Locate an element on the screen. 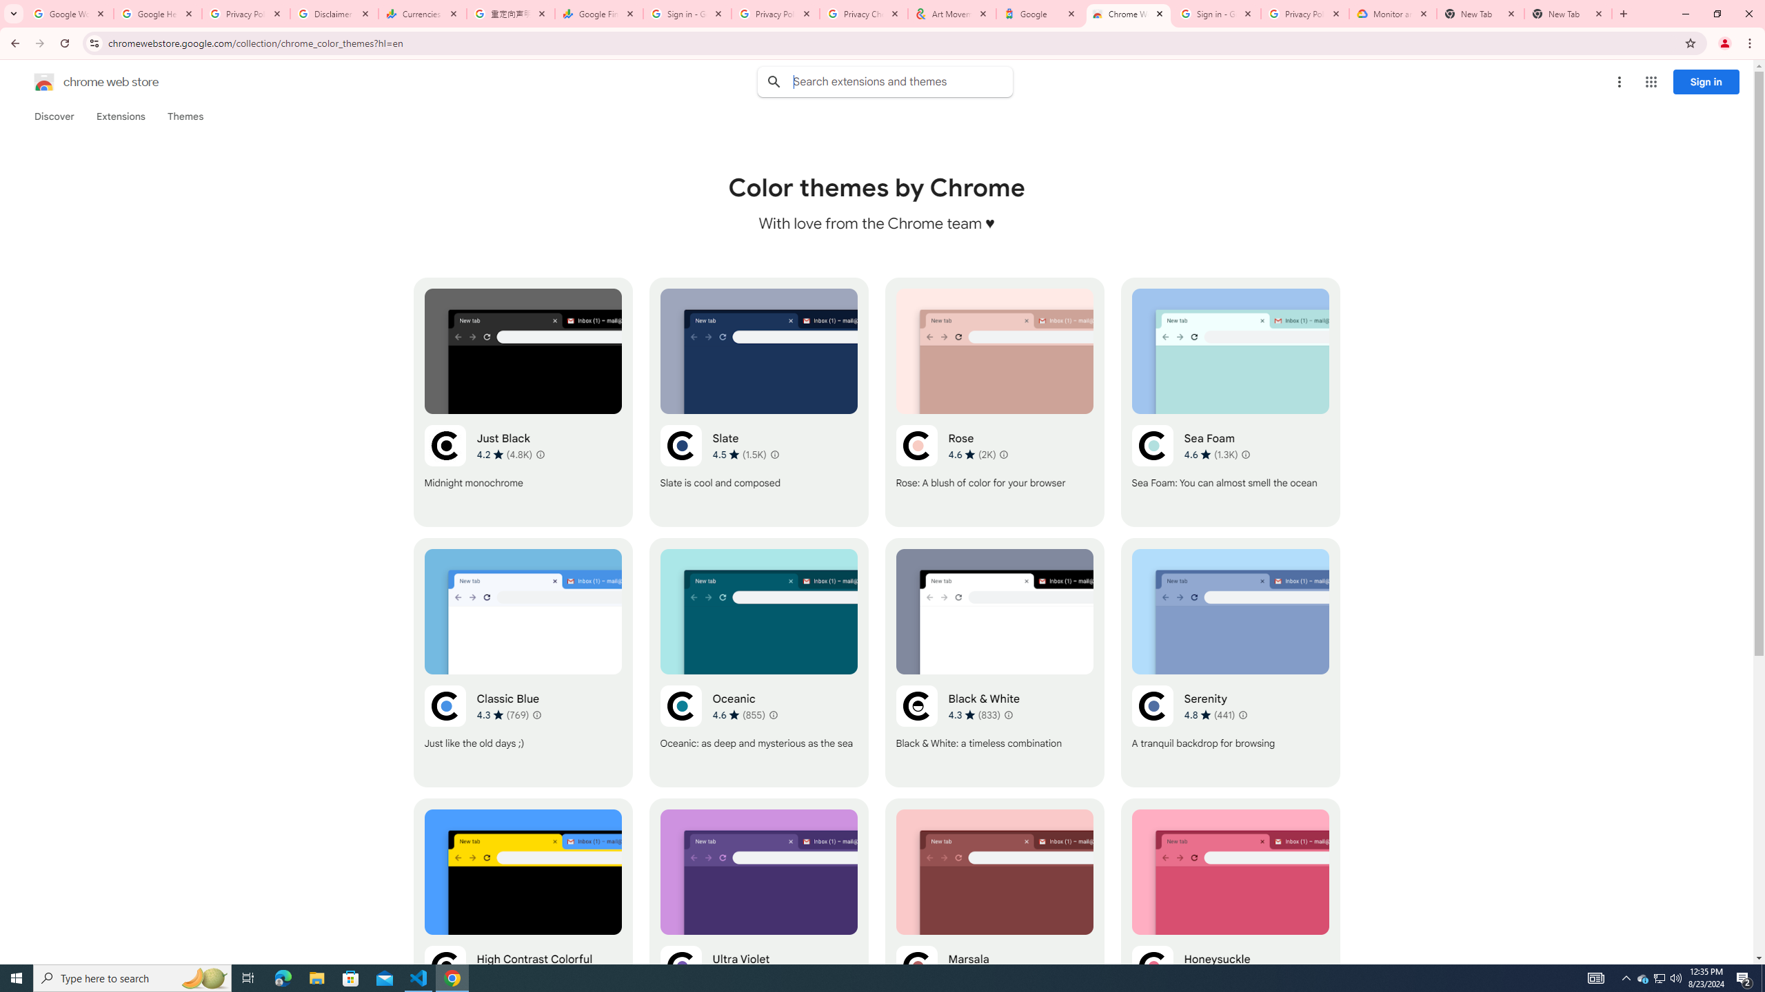 The width and height of the screenshot is (1765, 992). 'Search input' is located at coordinates (902, 81).